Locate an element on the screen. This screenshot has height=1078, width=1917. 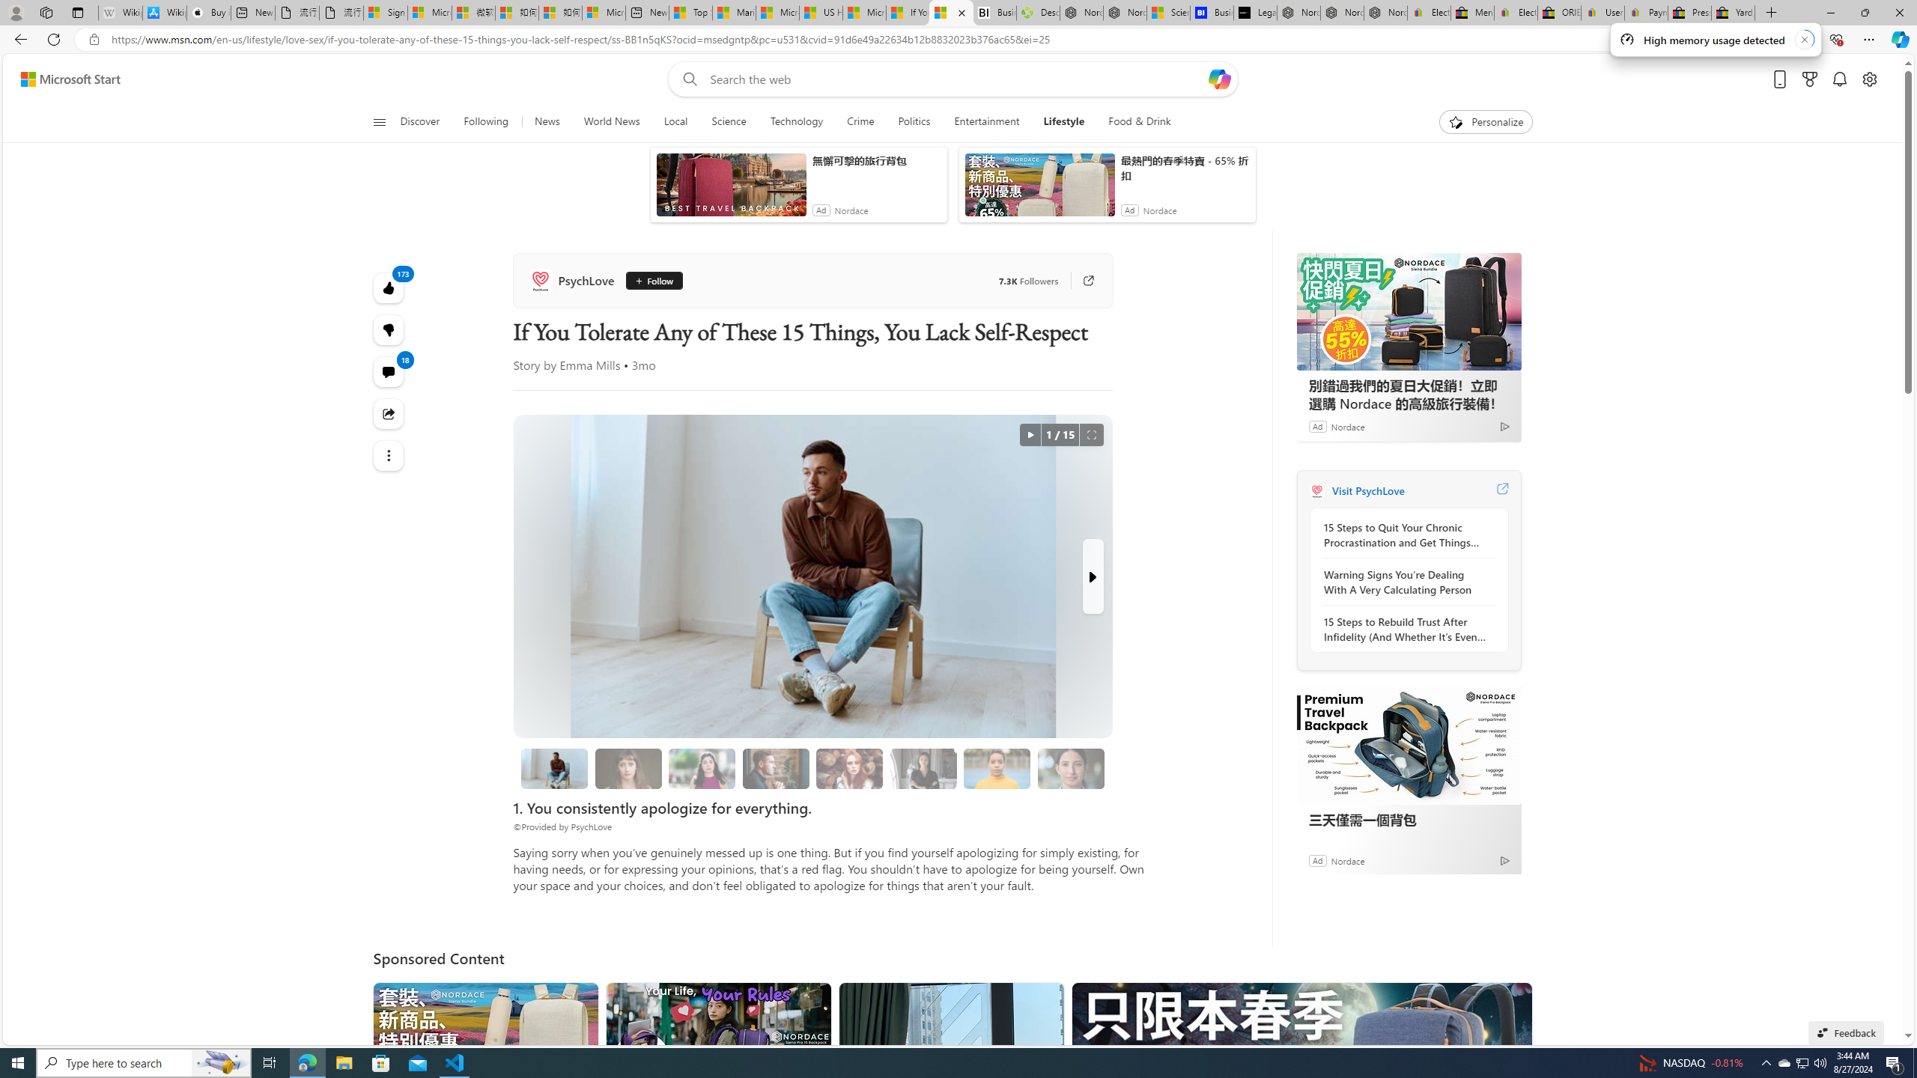
'Food & Drink' is located at coordinates (1133, 121).